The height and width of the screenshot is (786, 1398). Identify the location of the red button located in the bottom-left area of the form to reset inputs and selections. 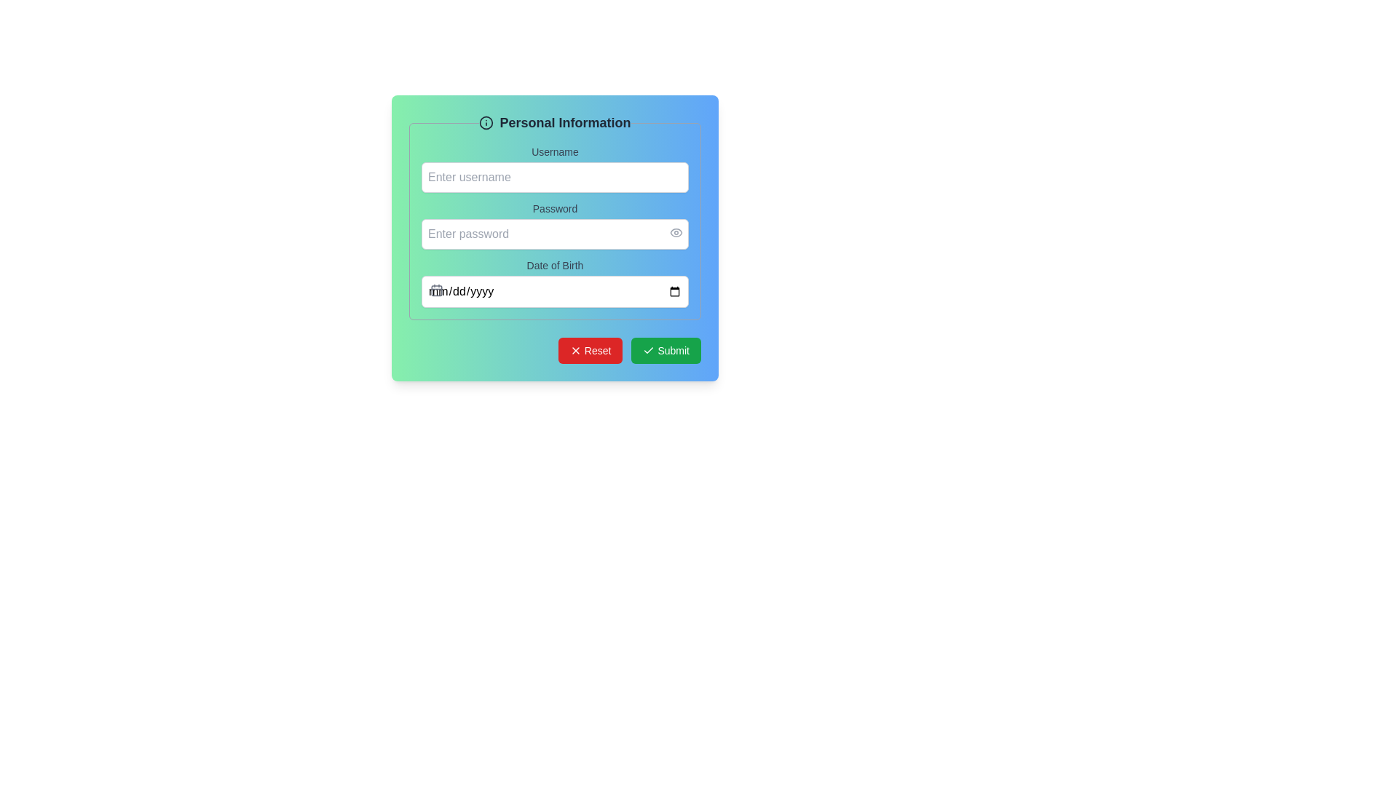
(598, 351).